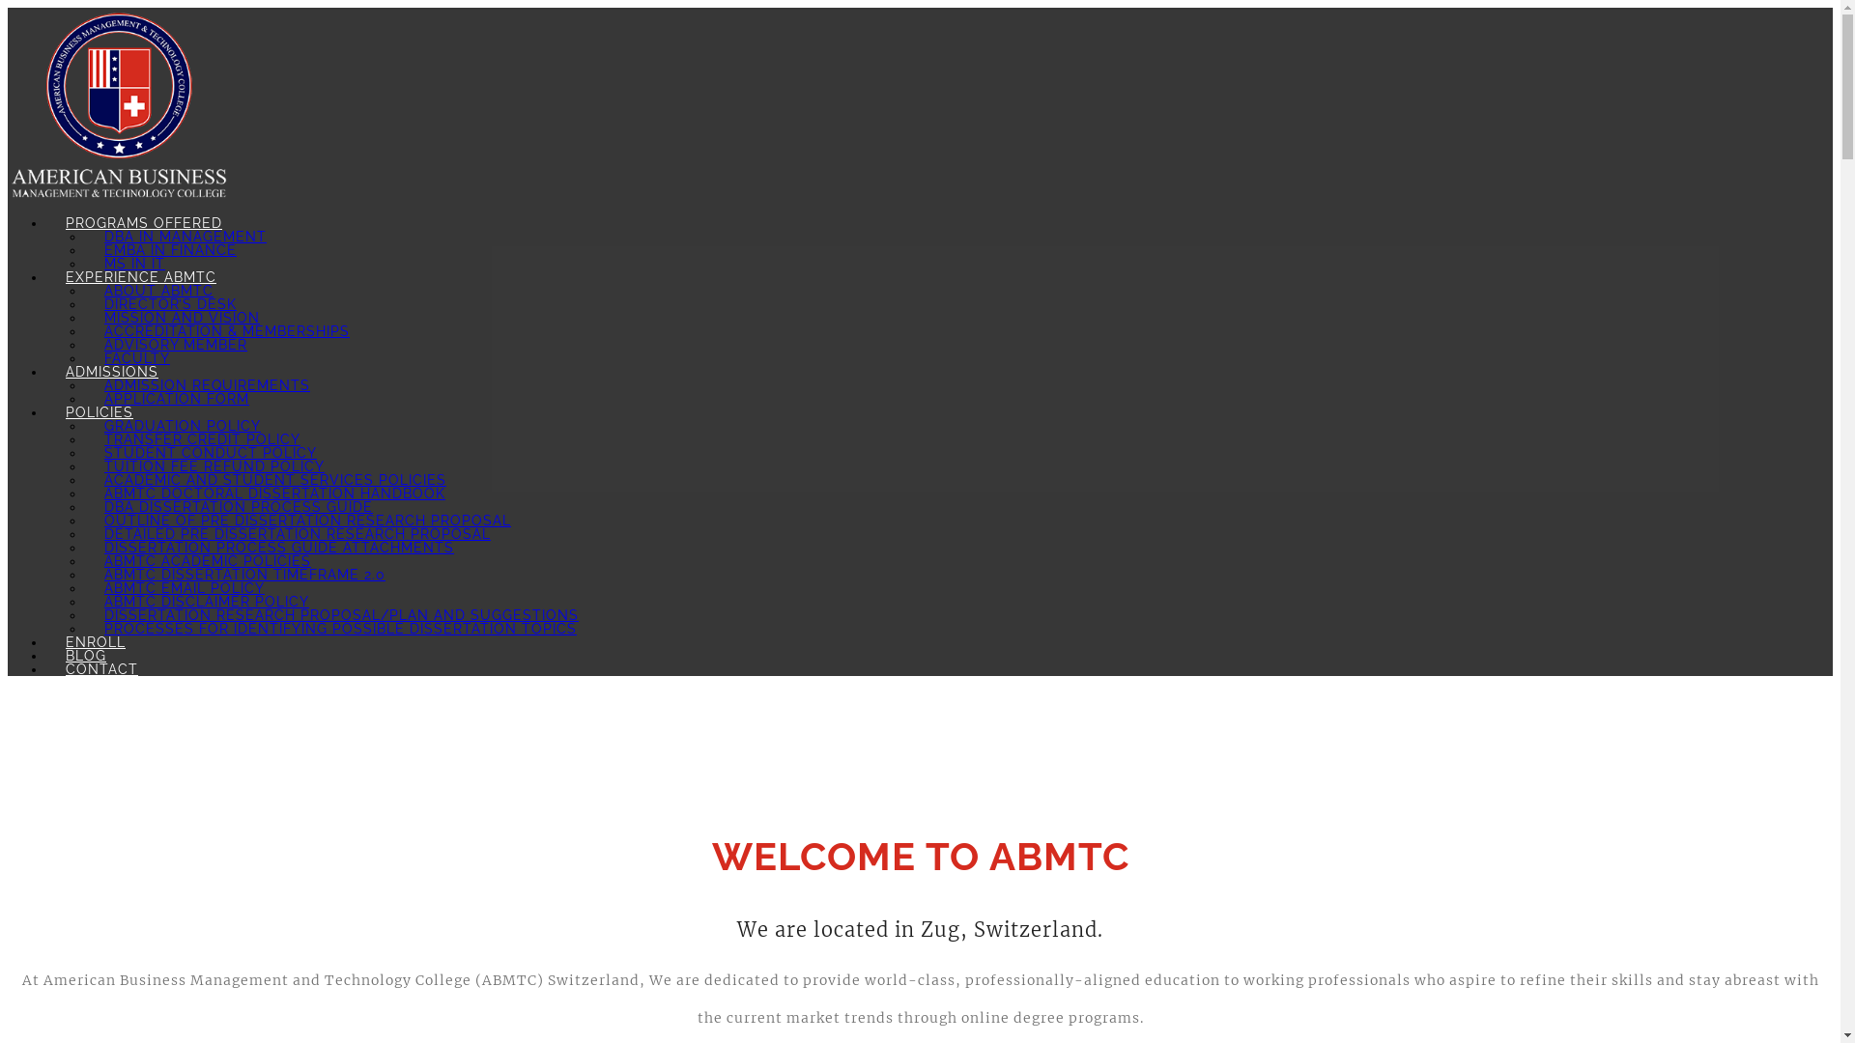  What do you see at coordinates (100, 668) in the screenshot?
I see `'CONTACT'` at bounding box center [100, 668].